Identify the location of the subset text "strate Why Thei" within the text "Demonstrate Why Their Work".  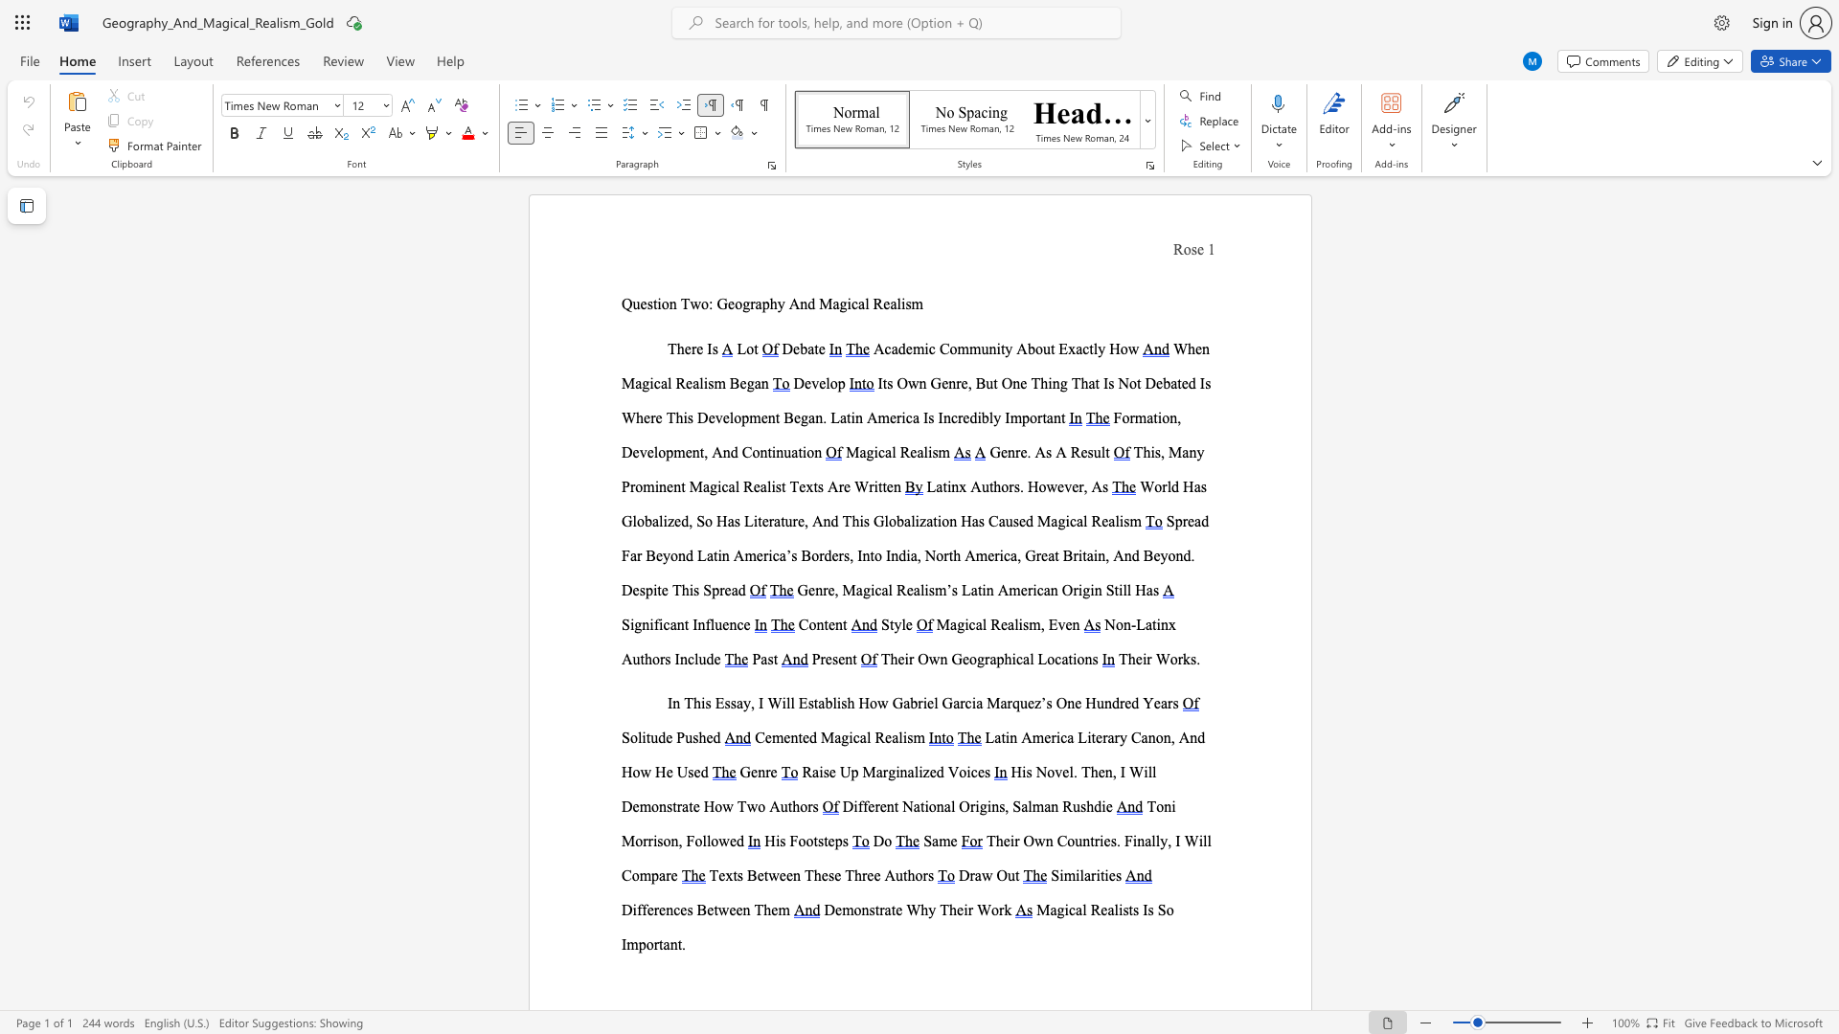
(868, 909).